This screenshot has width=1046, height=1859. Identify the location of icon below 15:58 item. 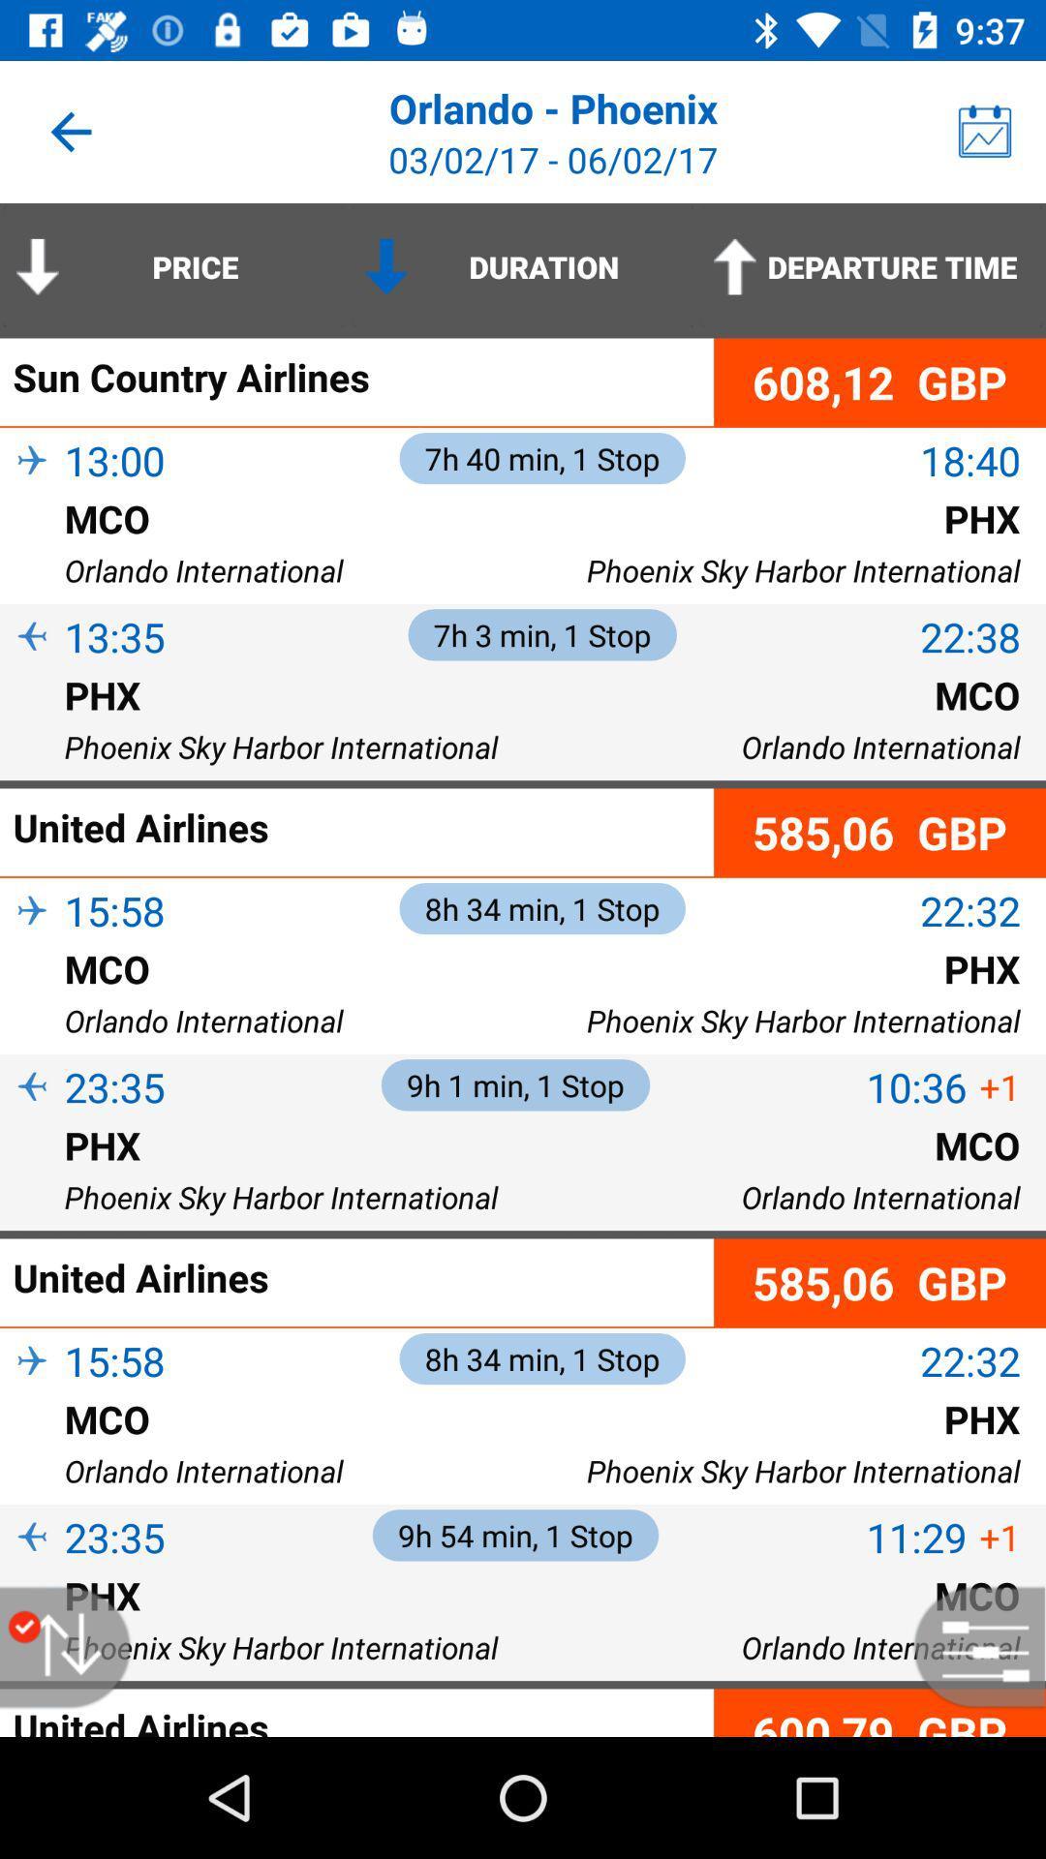
(32, 1392).